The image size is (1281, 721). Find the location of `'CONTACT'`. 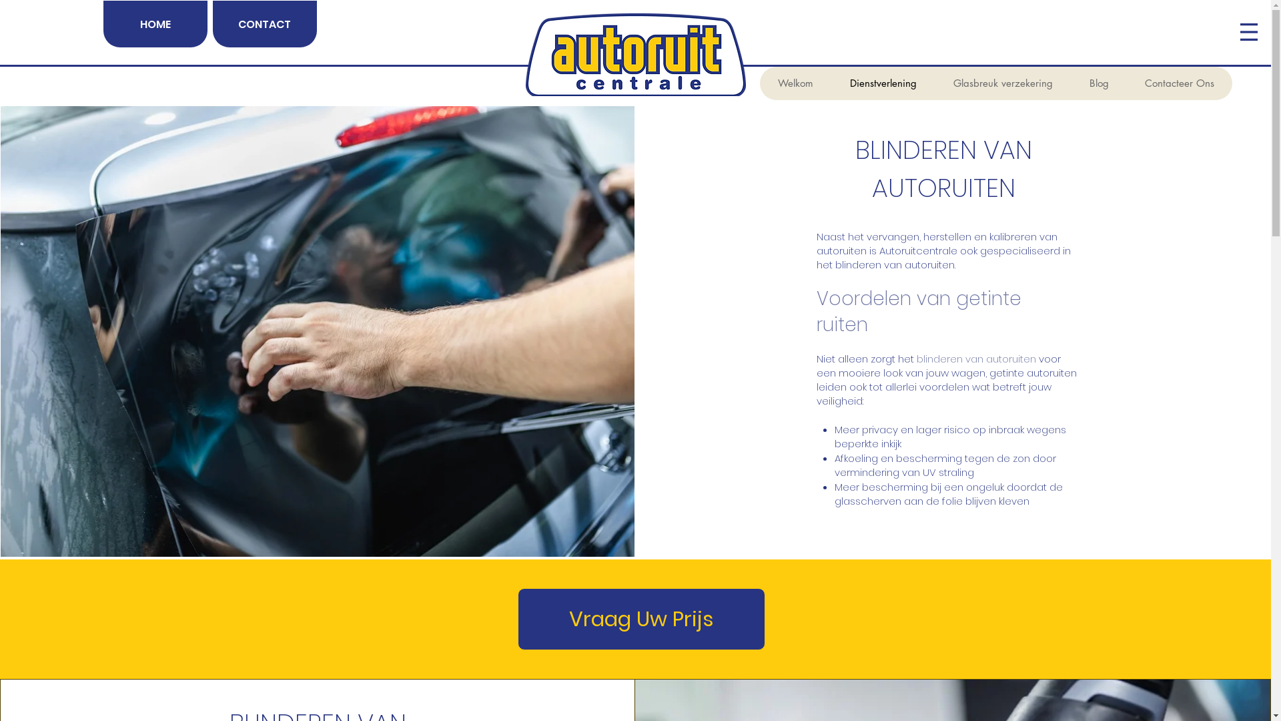

'CONTACT' is located at coordinates (264, 23).